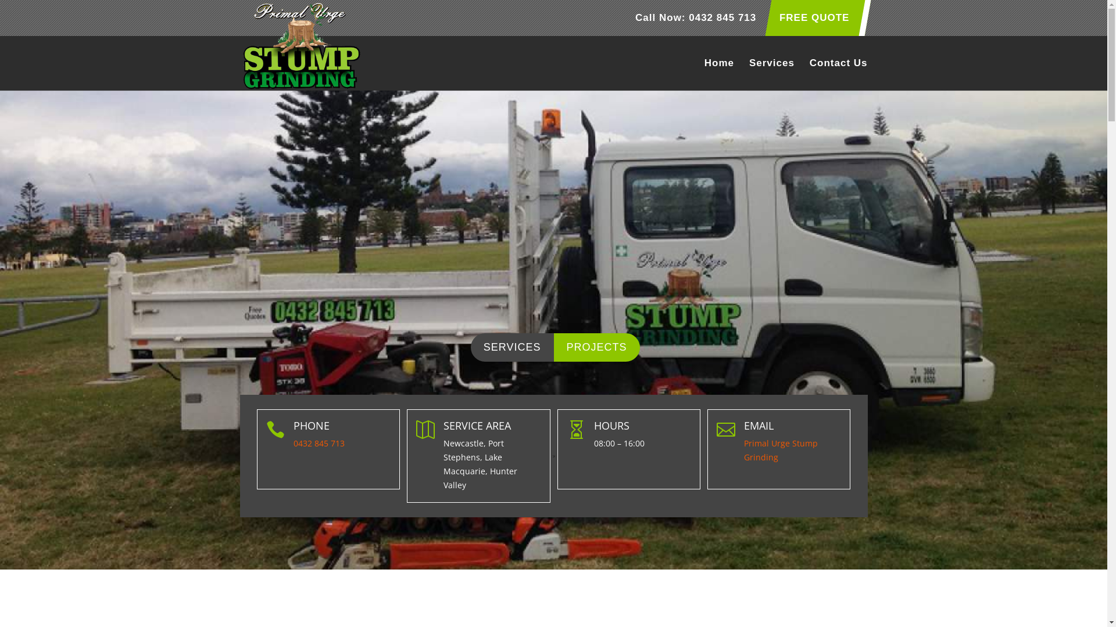 Image resolution: width=1116 pixels, height=627 pixels. I want to click on 'HOURS', so click(611, 425).